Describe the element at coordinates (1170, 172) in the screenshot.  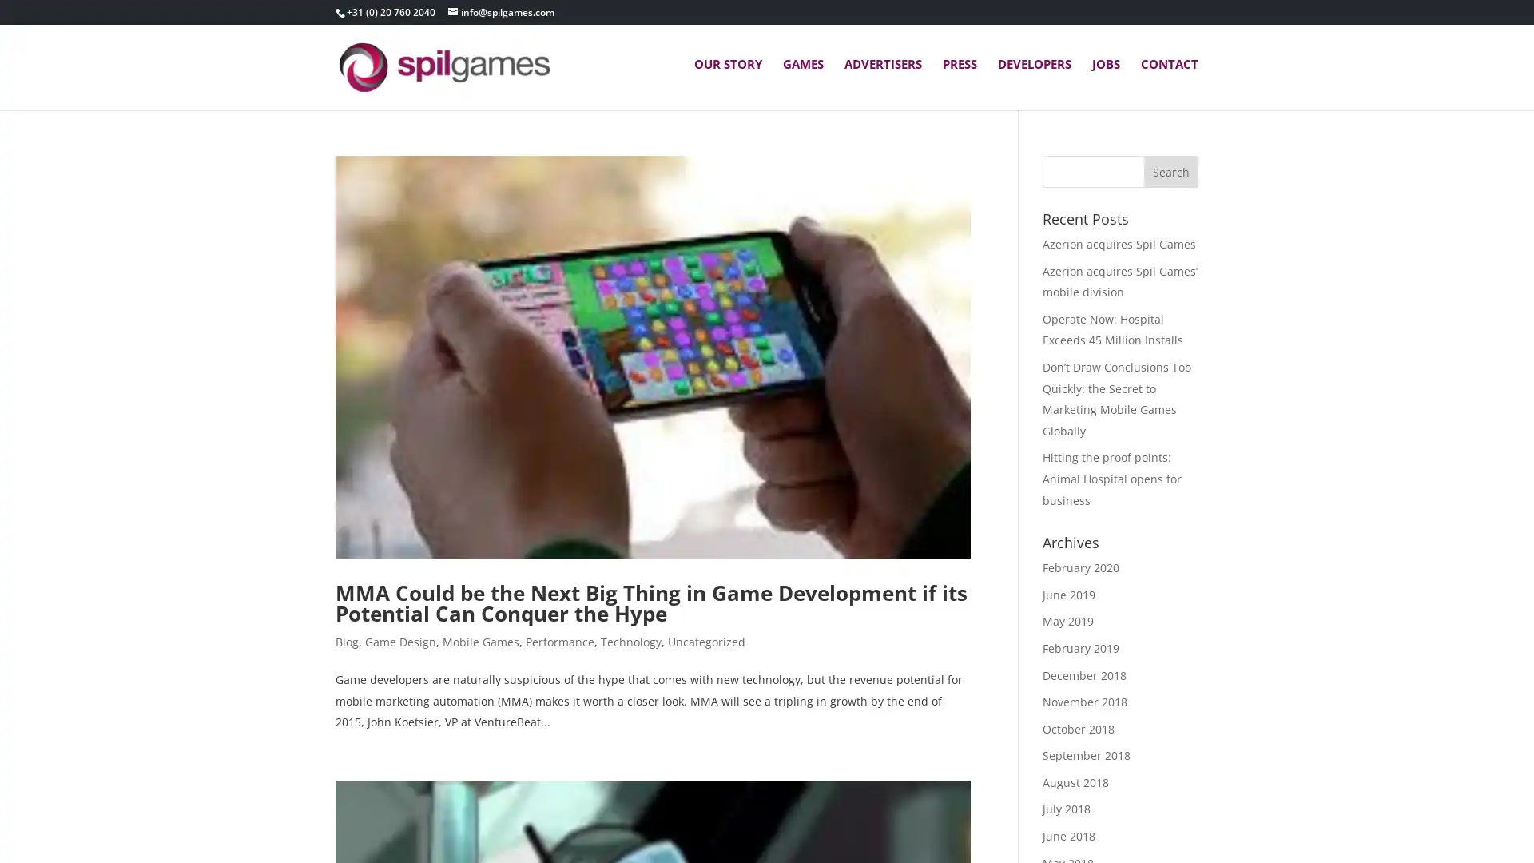
I see `Search` at that location.